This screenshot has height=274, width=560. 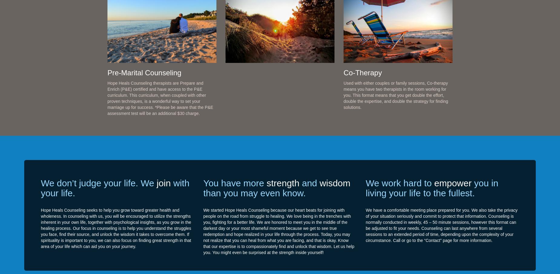 What do you see at coordinates (432, 188) in the screenshot?
I see `'you in living your life to the fullest.'` at bounding box center [432, 188].